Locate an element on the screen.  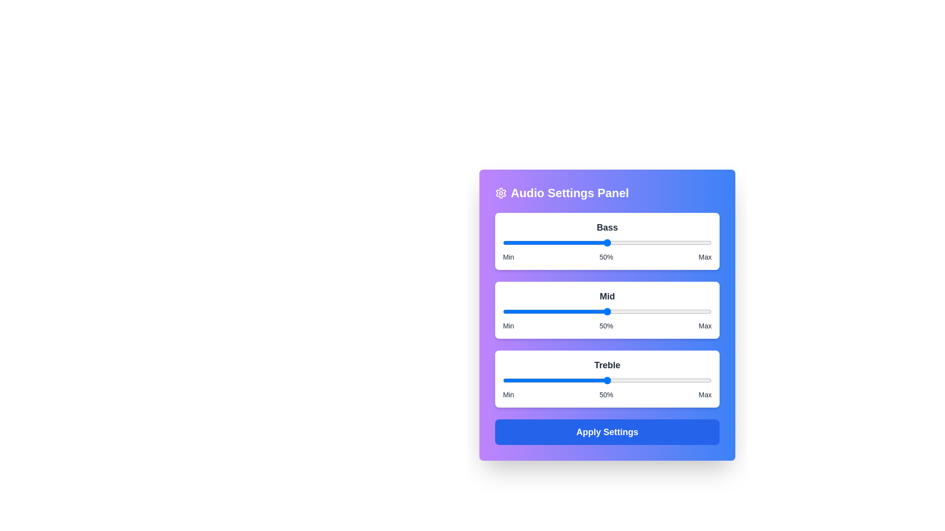
the label displaying 'Min', '50%', and 'Max' within the 'Treble' section of the audio settings panel, which is located below the slider component is located at coordinates (606, 394).